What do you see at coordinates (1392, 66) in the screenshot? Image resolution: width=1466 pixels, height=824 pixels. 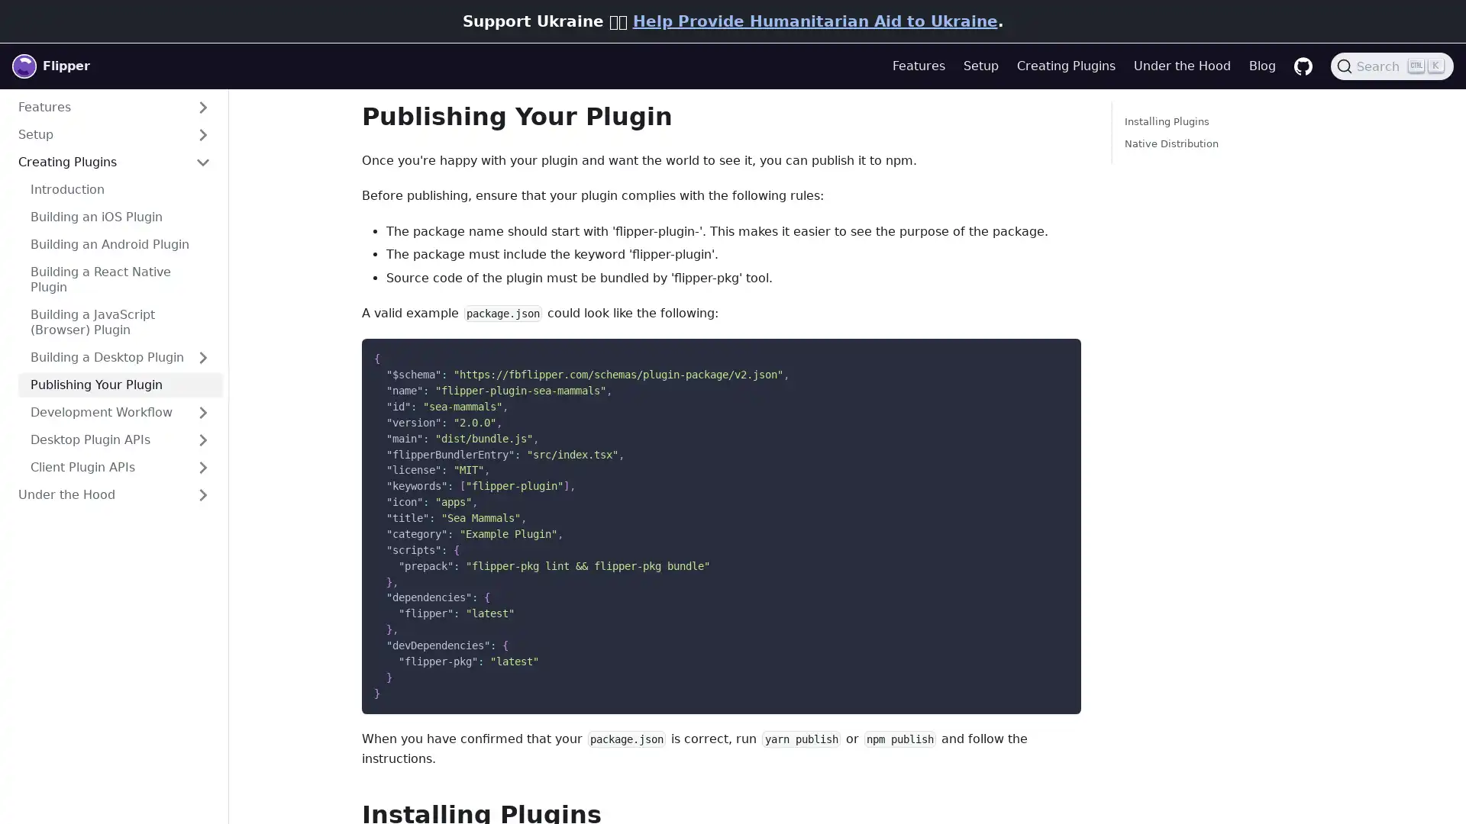 I see `Search` at bounding box center [1392, 66].